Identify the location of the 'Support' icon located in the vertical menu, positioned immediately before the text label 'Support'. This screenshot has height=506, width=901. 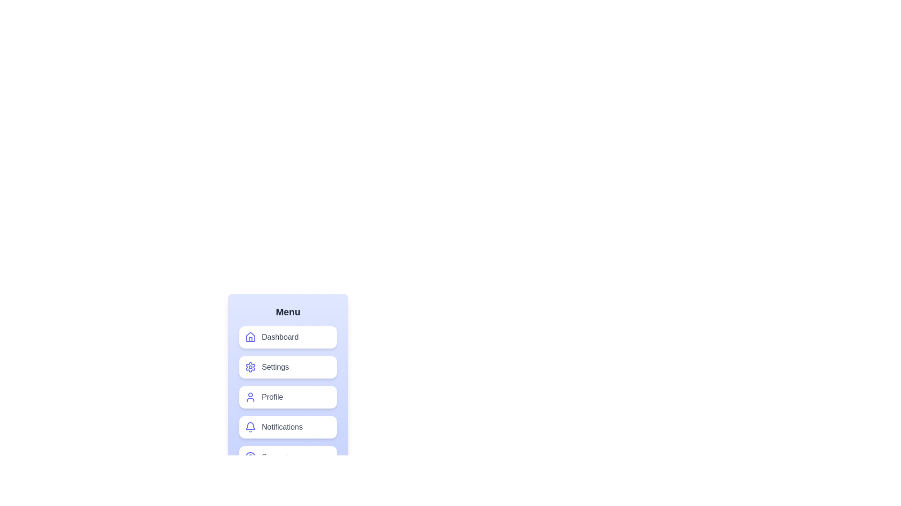
(250, 456).